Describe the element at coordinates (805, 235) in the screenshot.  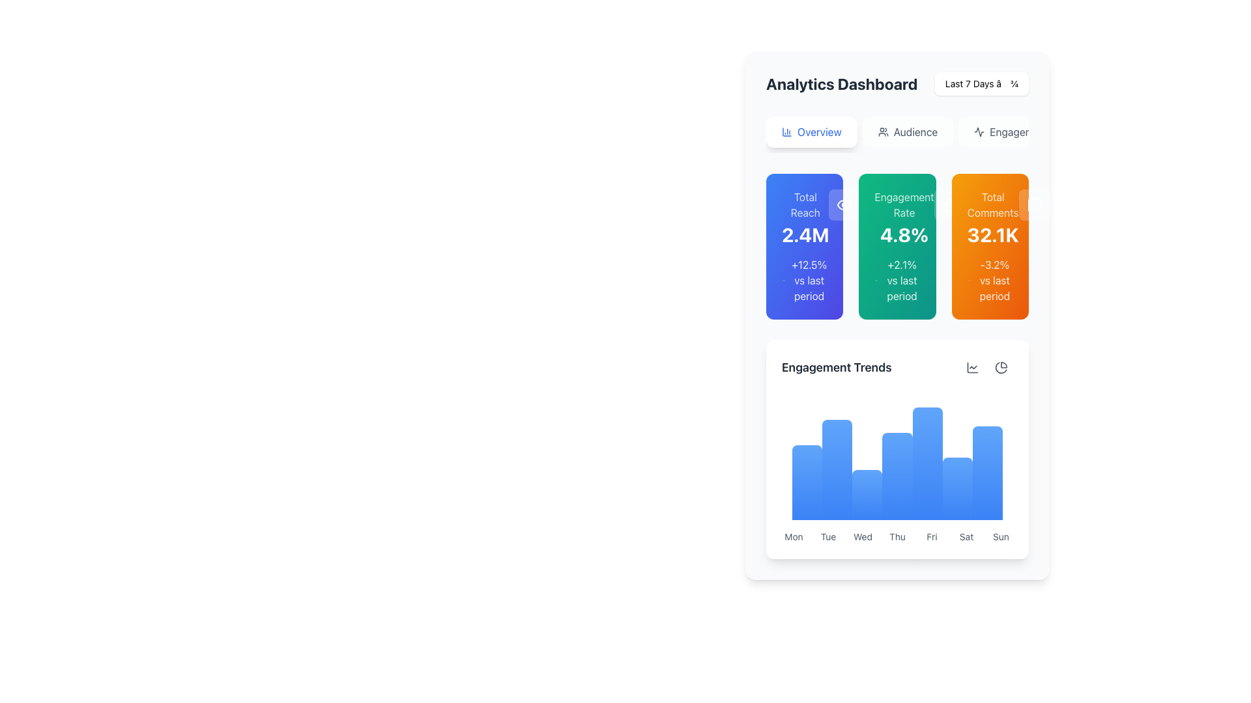
I see `the Numeric display field that shows '2.4M' in dark blue, located beneath the 'Total Reach' label on the analytics dashboard` at that location.